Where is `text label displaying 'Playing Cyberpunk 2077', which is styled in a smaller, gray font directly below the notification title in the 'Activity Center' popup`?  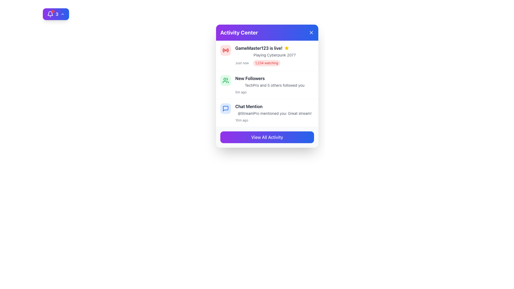
text label displaying 'Playing Cyberpunk 2077', which is styled in a smaller, gray font directly below the notification title in the 'Activity Center' popup is located at coordinates (275, 55).